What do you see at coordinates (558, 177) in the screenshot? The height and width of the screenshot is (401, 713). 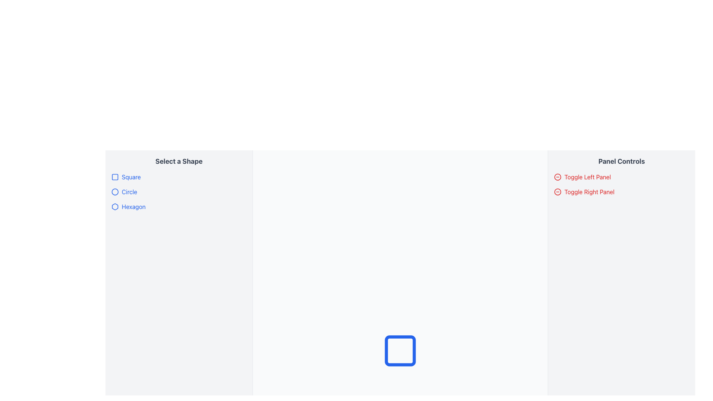 I see `the red circular minus icon located next to the 'Toggle Right Panel' text in the 'Panel Controls' section` at bounding box center [558, 177].